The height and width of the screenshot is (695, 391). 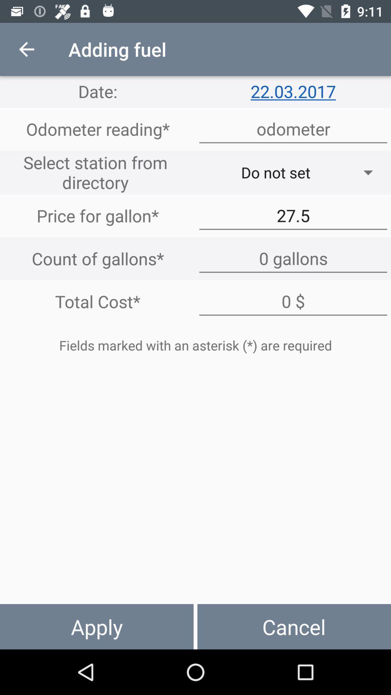 I want to click on gallons count entry, so click(x=293, y=258).